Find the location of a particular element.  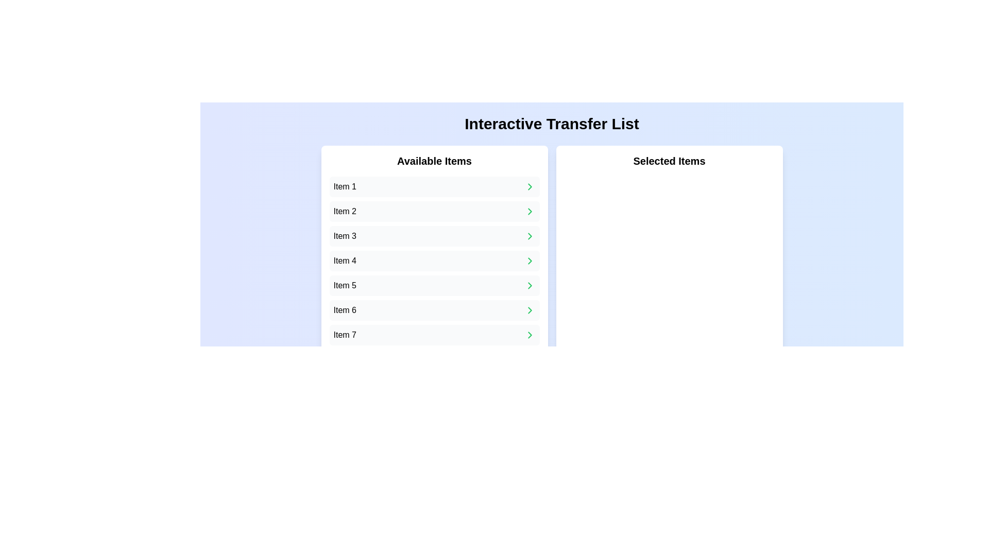

the text label displaying 'Item 3' in the third row of the 'Available Items' list, which has a light gray background and rounded corners is located at coordinates (345, 236).